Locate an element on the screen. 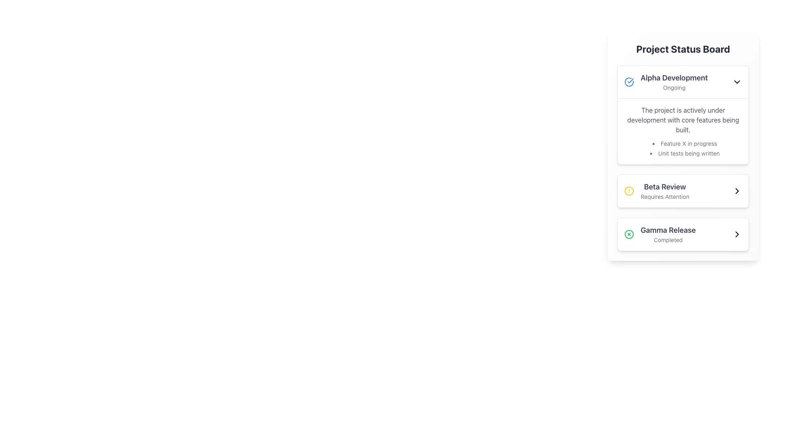 The width and height of the screenshot is (785, 441). the third card element labeled 'Gamma Release' in the 'Project Status Board', which features a green check mark icon on the left and a right-facing chevron arrow on the right is located at coordinates (683, 234).